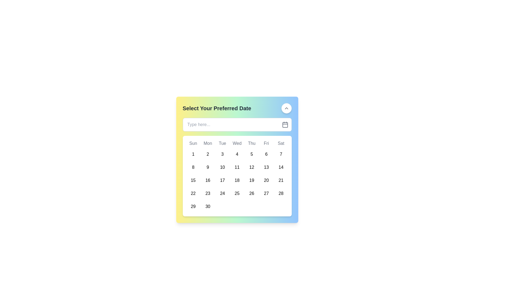  I want to click on the circular button displaying the number '1' in the calendar's topmost row under the 'Sun' weekday column, so click(193, 154).